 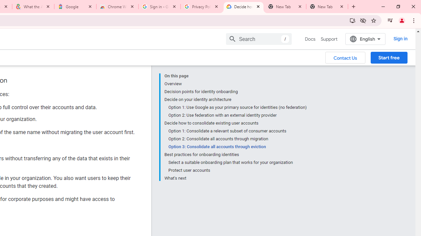 I want to click on 'Control your music, videos, and more', so click(x=390, y=20).